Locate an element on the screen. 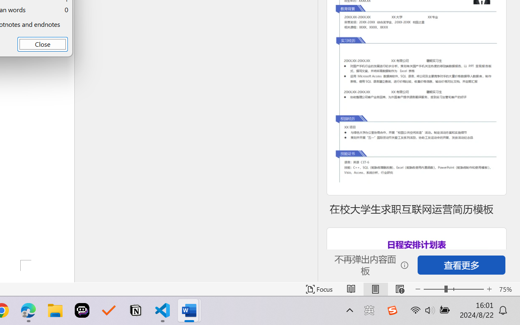  'Read Mode' is located at coordinates (351, 289).